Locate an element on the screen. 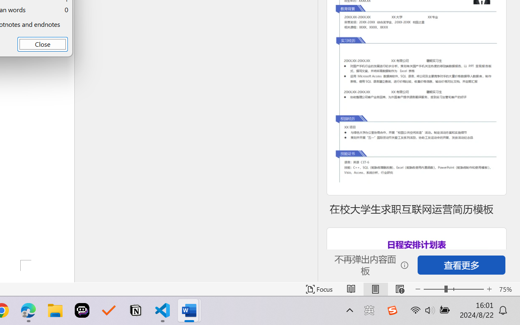  'Read Mode' is located at coordinates (351, 289).